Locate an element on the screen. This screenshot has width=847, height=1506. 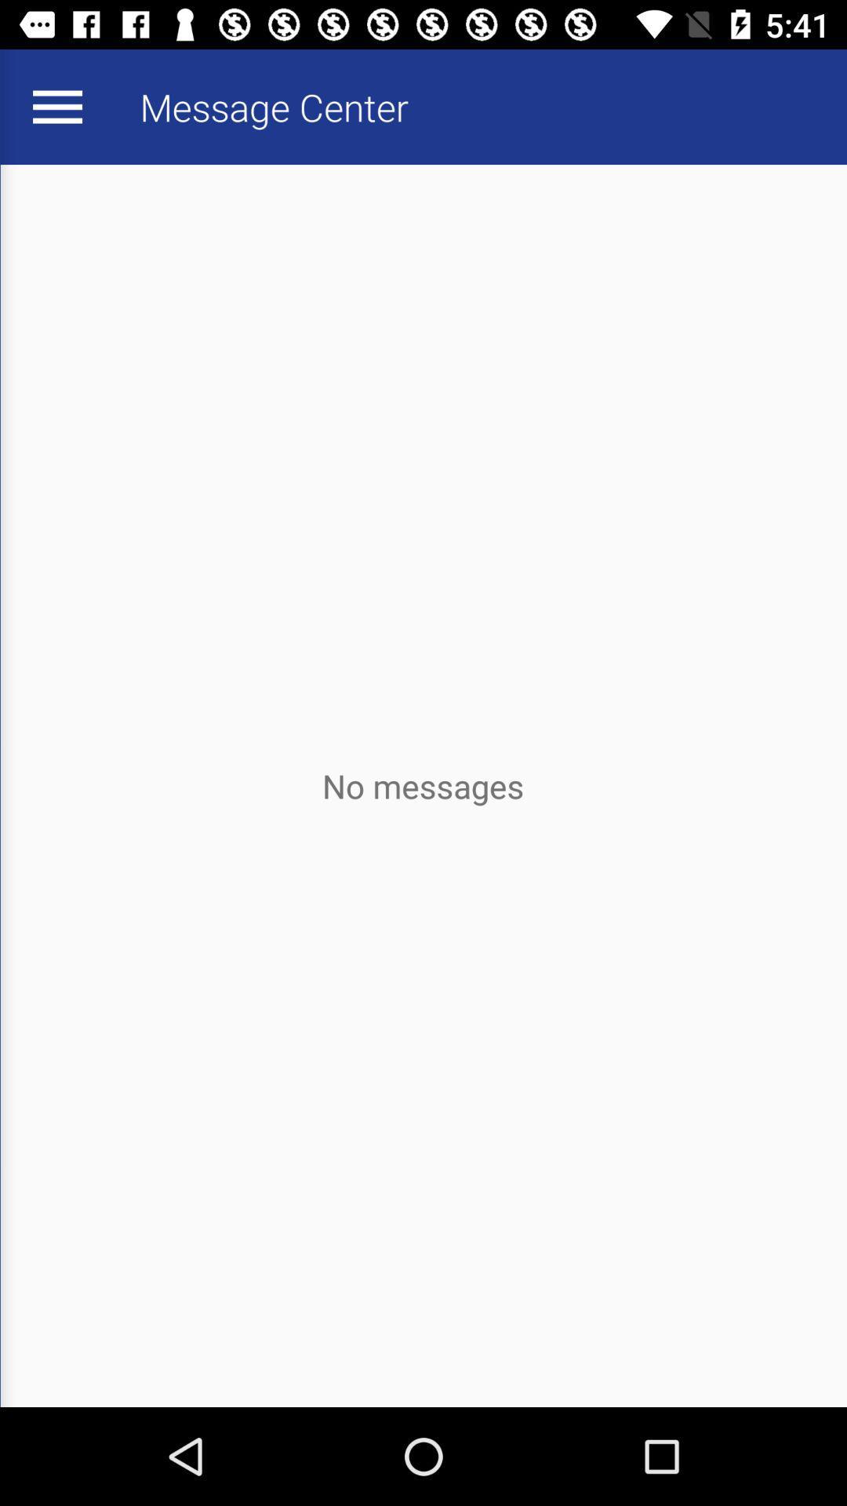
the menu icon is located at coordinates (56, 106).